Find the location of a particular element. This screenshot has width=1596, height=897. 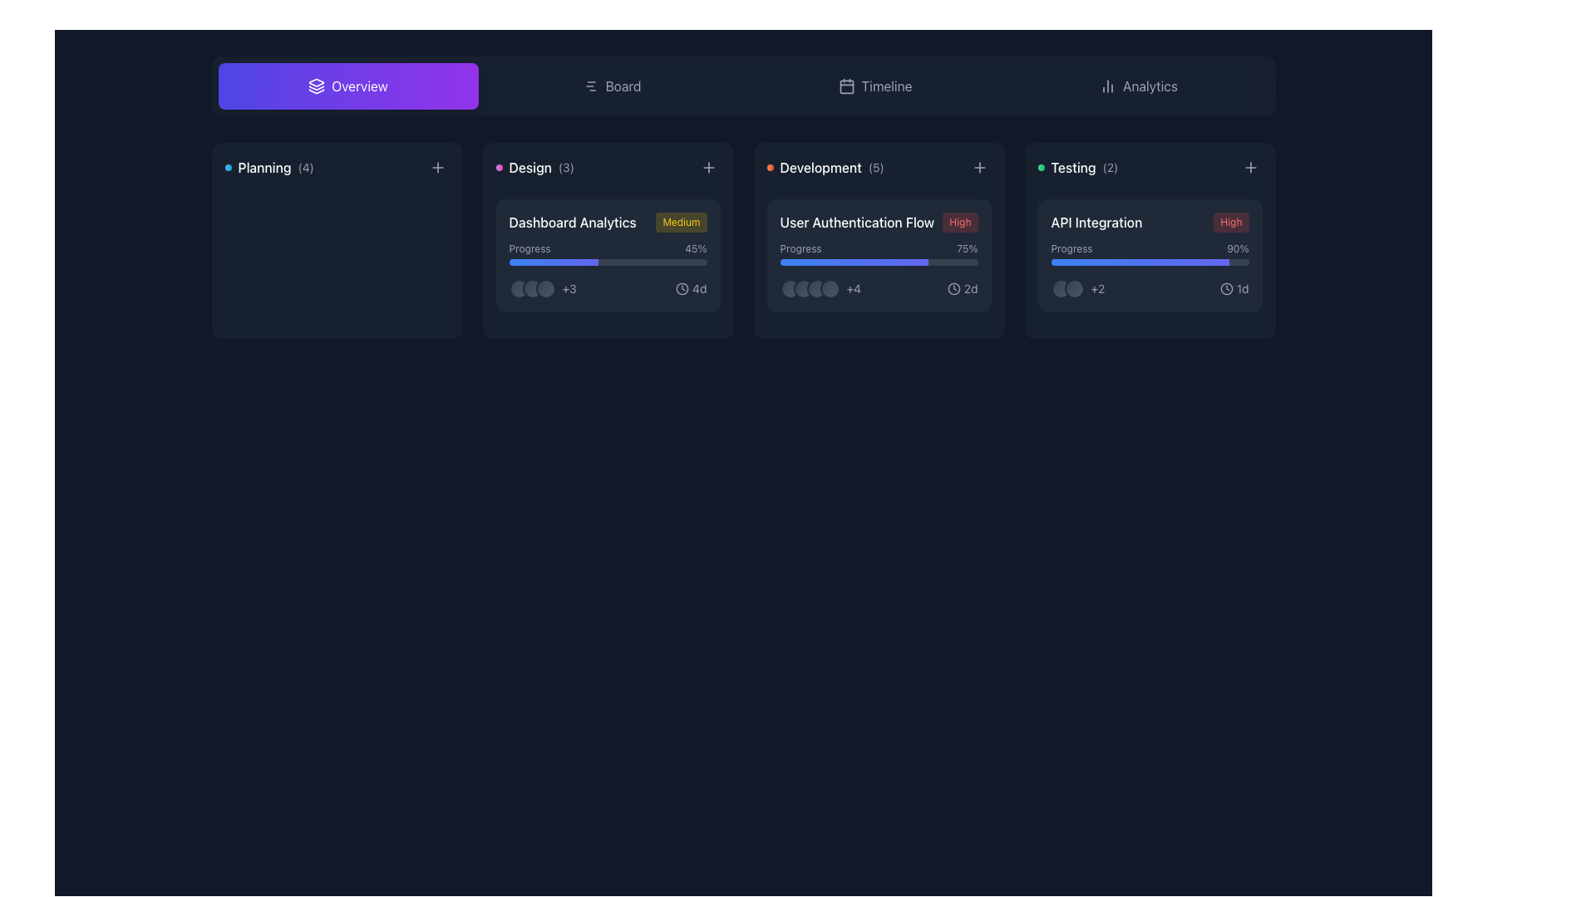

the progress bar located in the 'API Integration' card, which visually indicates the progress of a task with a 'High' priority badge is located at coordinates (1149, 253).